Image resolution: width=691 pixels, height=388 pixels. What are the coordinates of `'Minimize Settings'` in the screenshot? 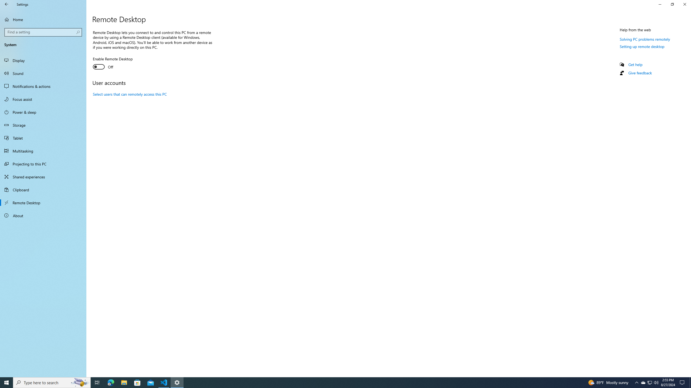 It's located at (659, 4).